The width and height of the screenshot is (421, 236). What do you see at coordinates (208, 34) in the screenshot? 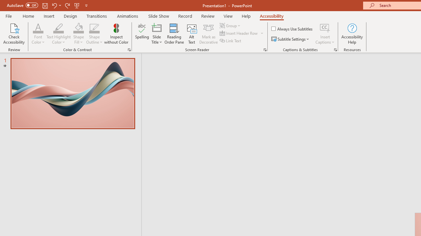
I see `'Mark as Decorative'` at bounding box center [208, 34].